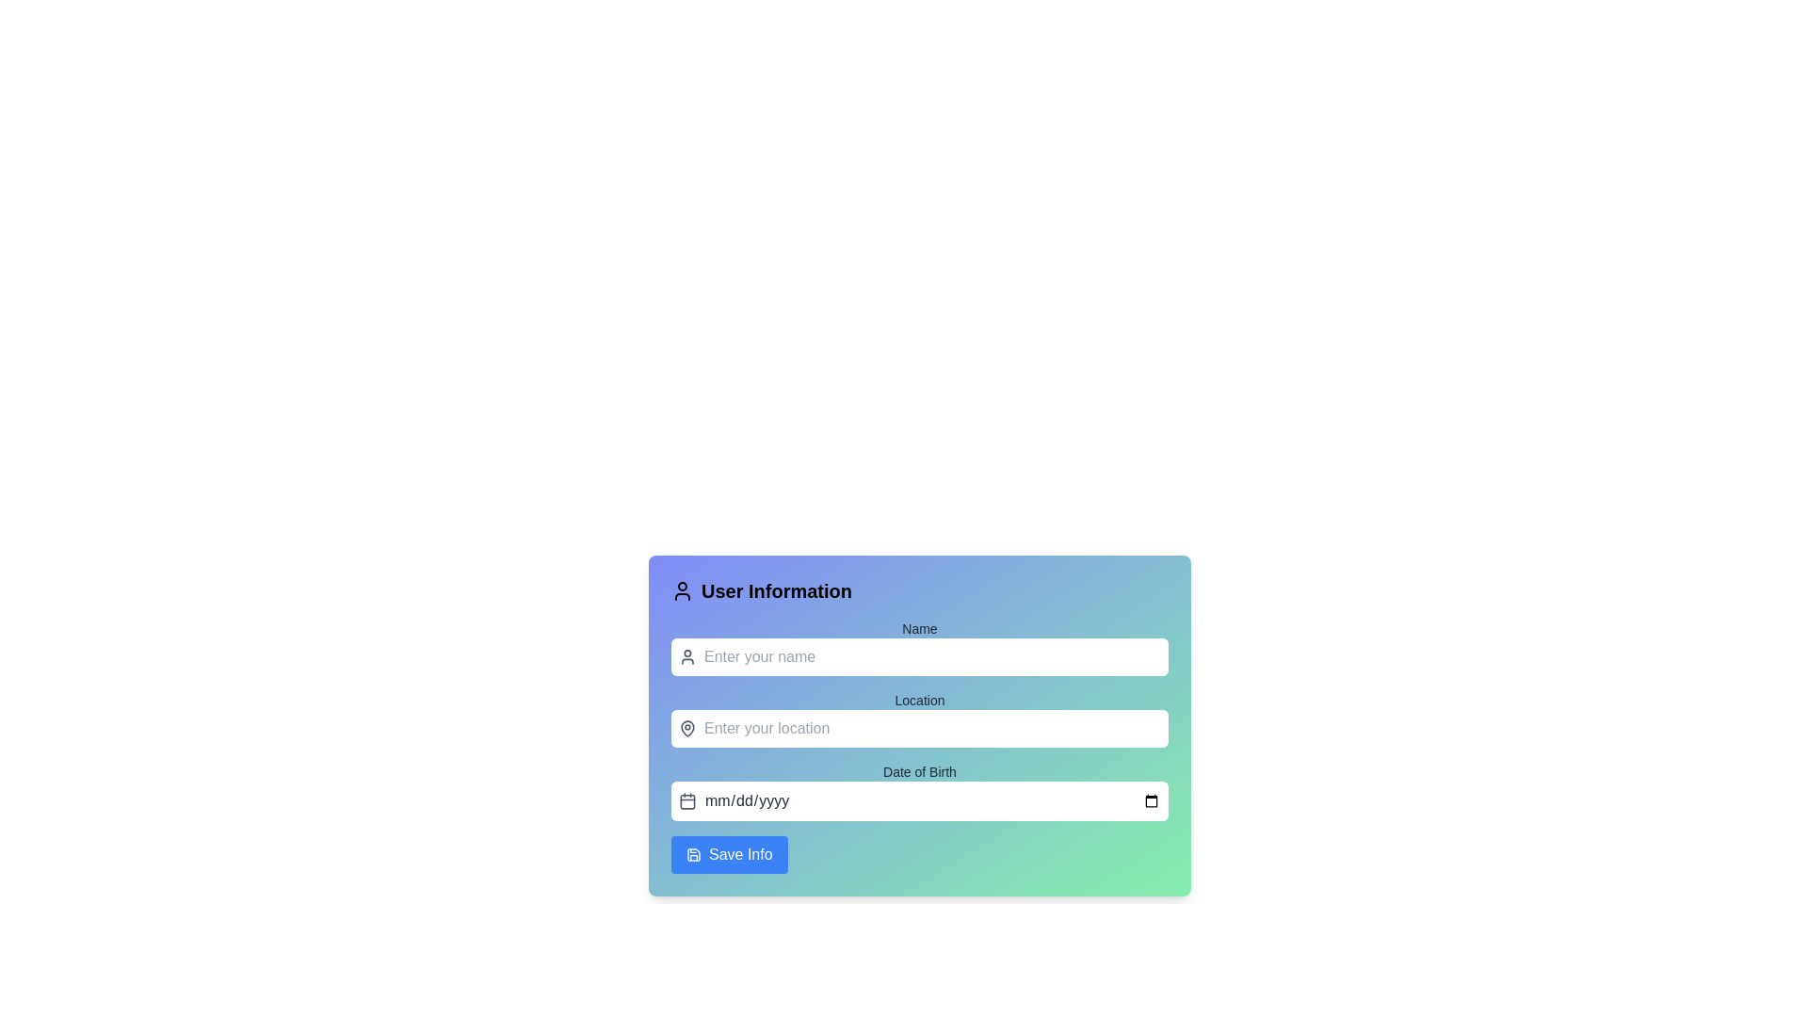 The height and width of the screenshot is (1017, 1808). Describe the element at coordinates (681, 590) in the screenshot. I see `the user information icon located to the left of the 'User Information' title` at that location.